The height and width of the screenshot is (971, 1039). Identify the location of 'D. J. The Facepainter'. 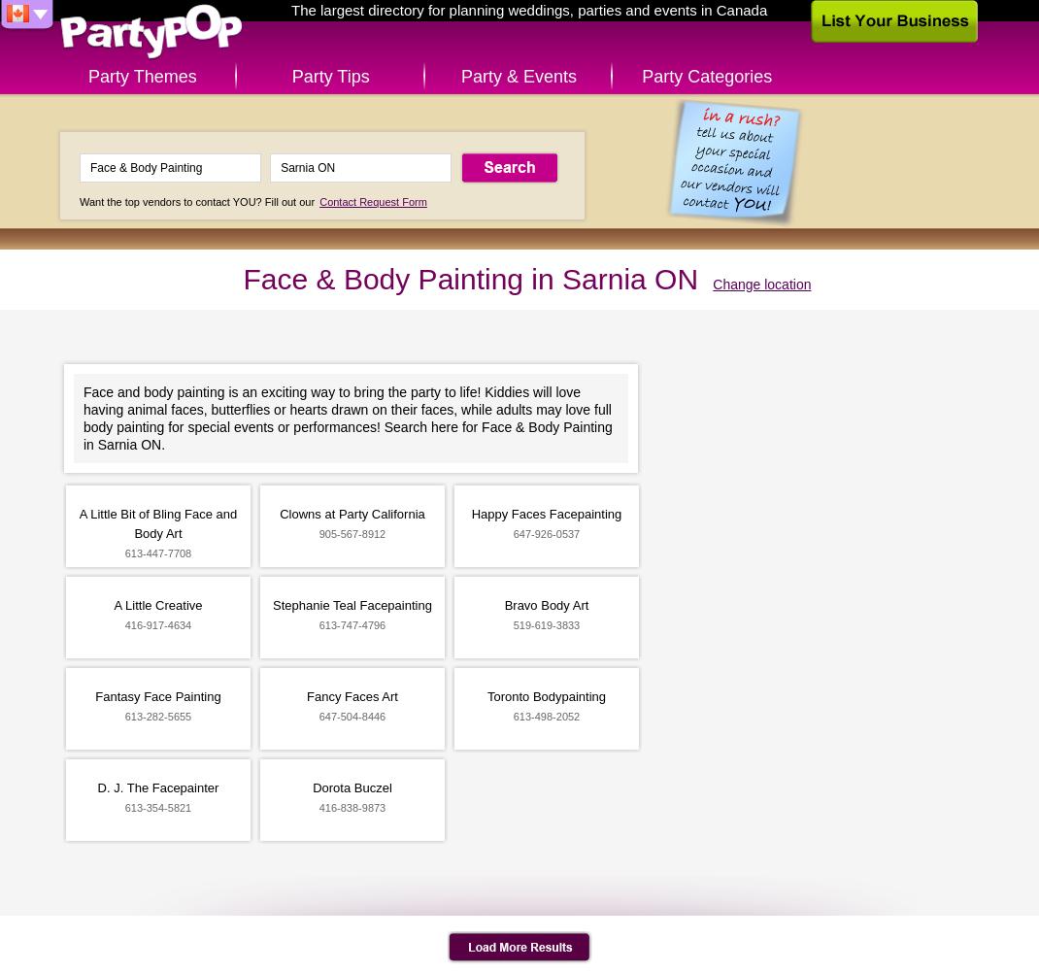
(157, 787).